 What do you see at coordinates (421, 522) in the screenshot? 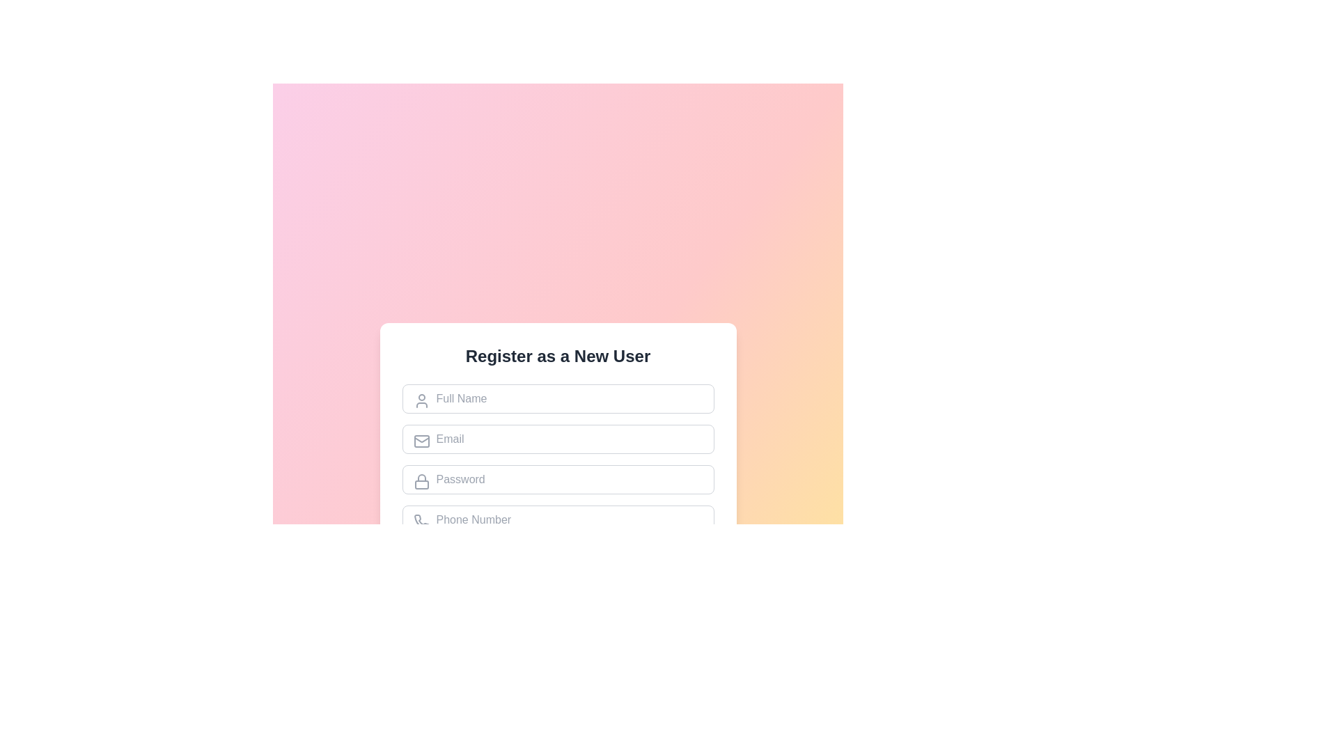
I see `the gray phone receiver icon located in the 'Phone Number' input field, which is styled with a line-art design and serves as an indicator for the input's purpose` at bounding box center [421, 522].